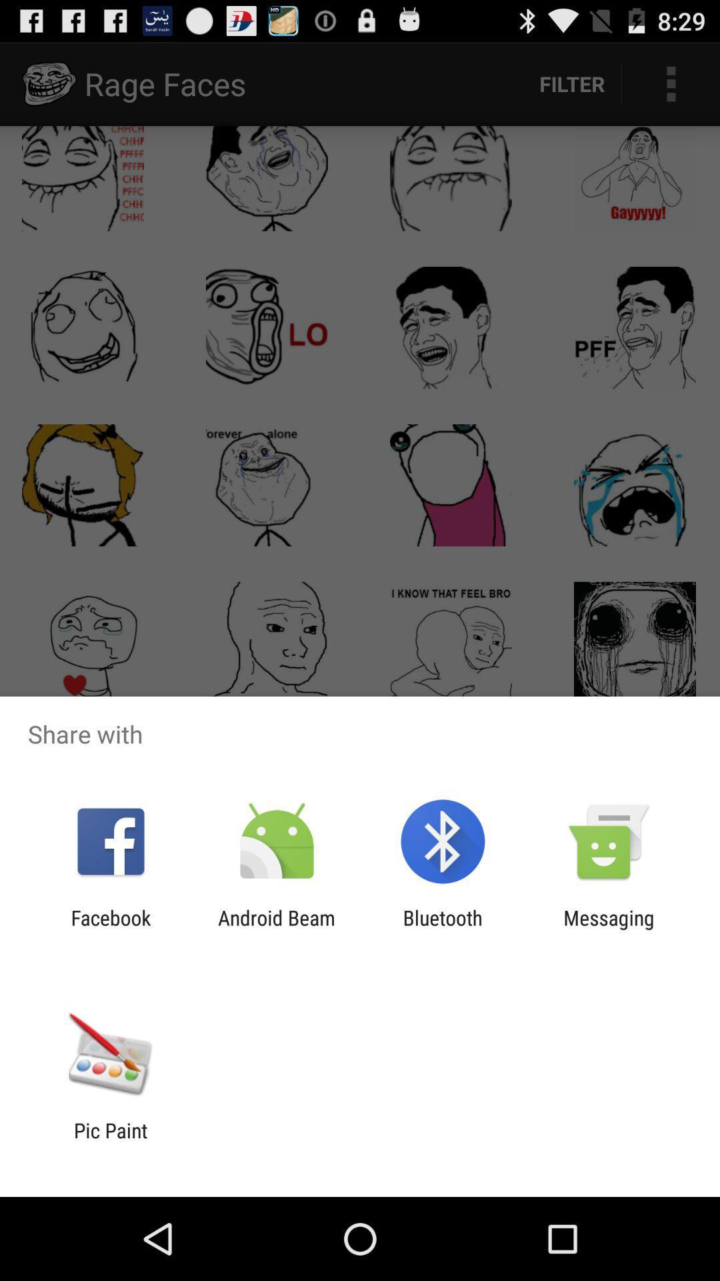 This screenshot has height=1281, width=720. I want to click on bluetooth icon, so click(443, 929).